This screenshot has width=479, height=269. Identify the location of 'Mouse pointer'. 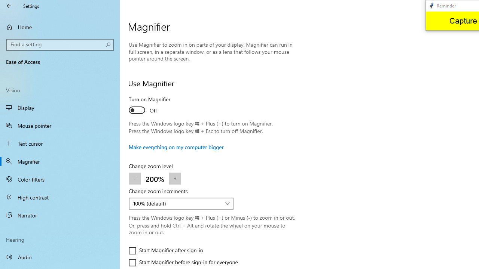
(60, 125).